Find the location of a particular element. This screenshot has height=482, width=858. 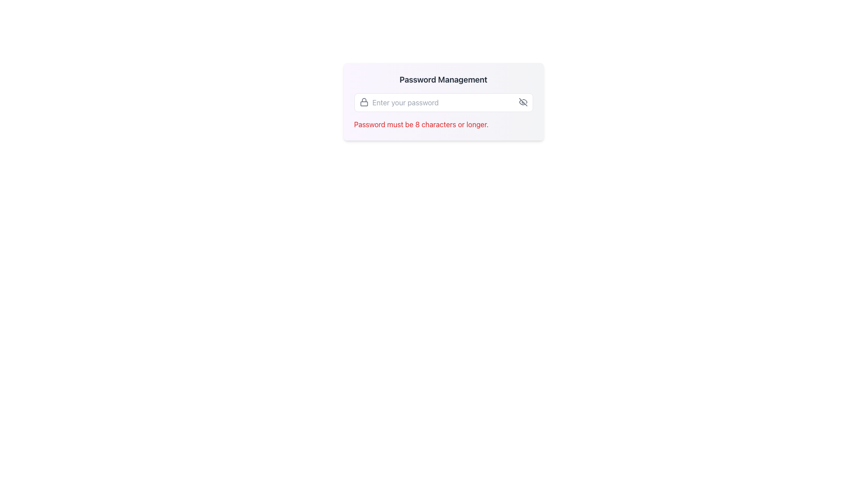

the text label that displays the message 'Password must be 8 characters or longer.' styled in red, which is located beneath the password input field is located at coordinates (421, 124).